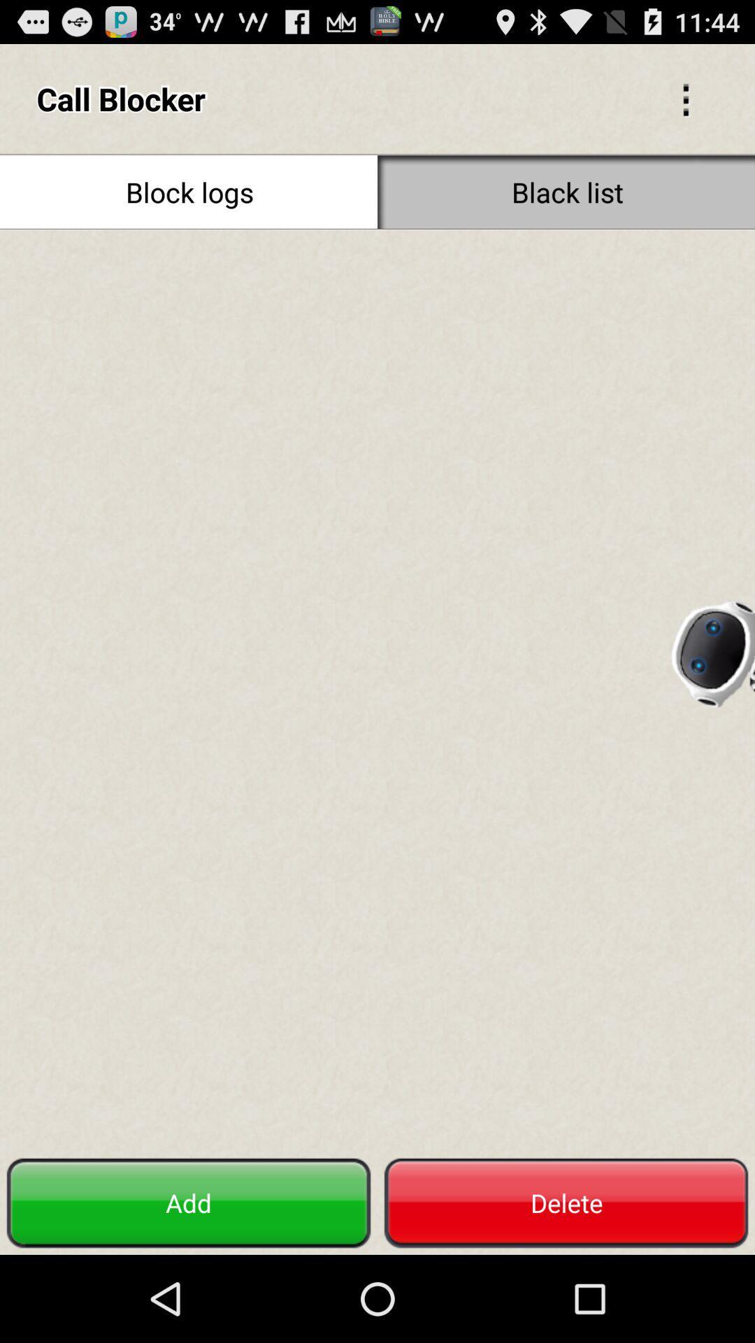  I want to click on the icon next to call blocker item, so click(685, 98).